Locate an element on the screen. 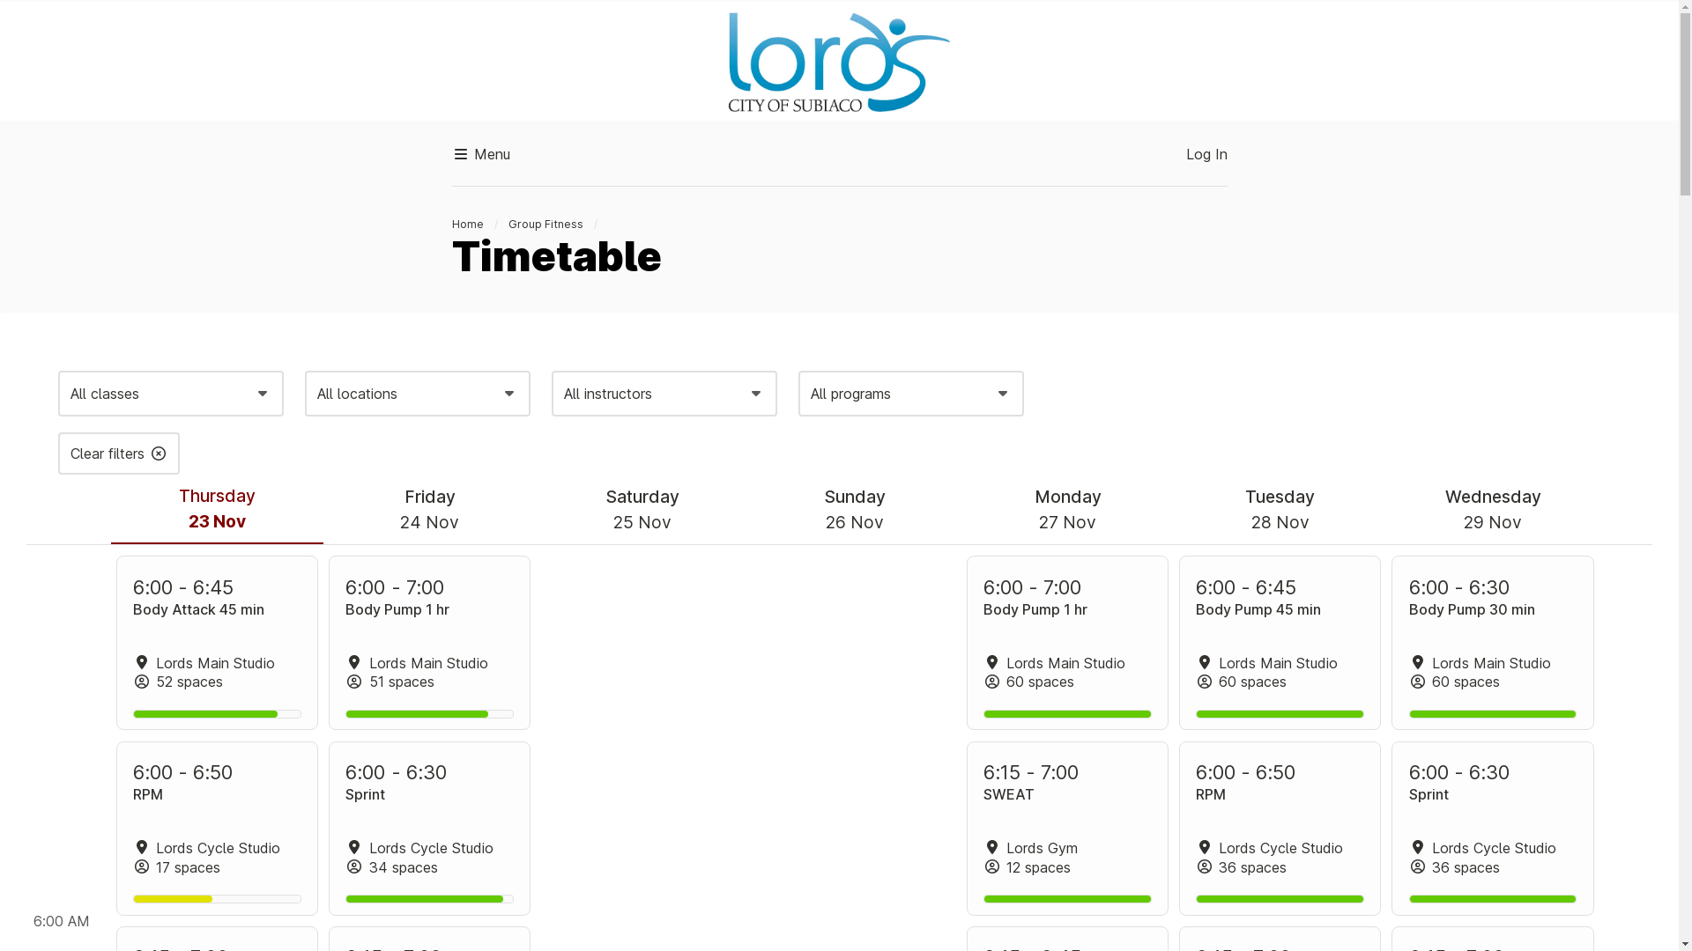 Image resolution: width=1692 pixels, height=951 pixels. '85%' is located at coordinates (429, 713).